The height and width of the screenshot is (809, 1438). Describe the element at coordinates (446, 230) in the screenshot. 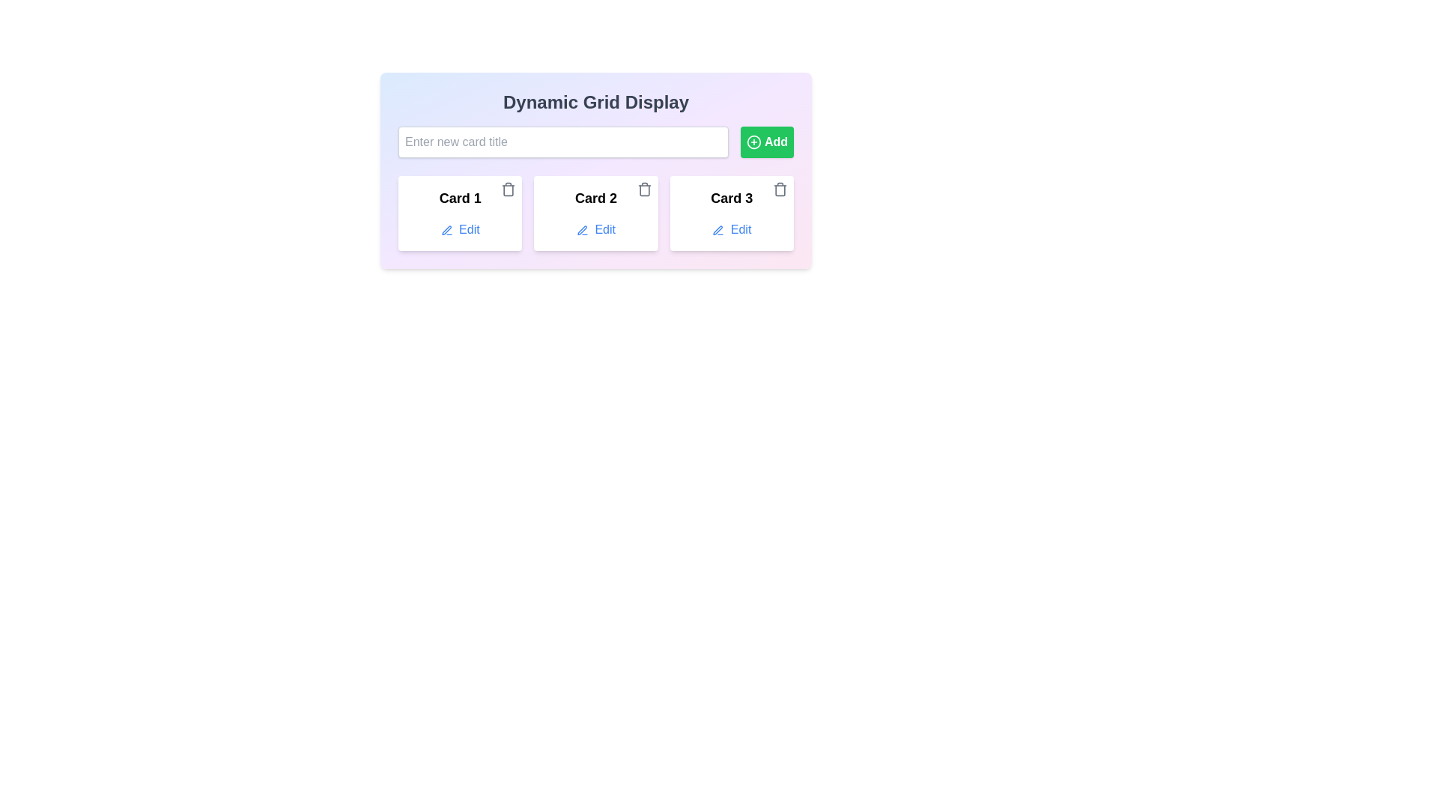

I see `the stylized pen icon next to the 'Edit' label located in the bottom section of 'Card 1' to initiate the edit functionality` at that location.